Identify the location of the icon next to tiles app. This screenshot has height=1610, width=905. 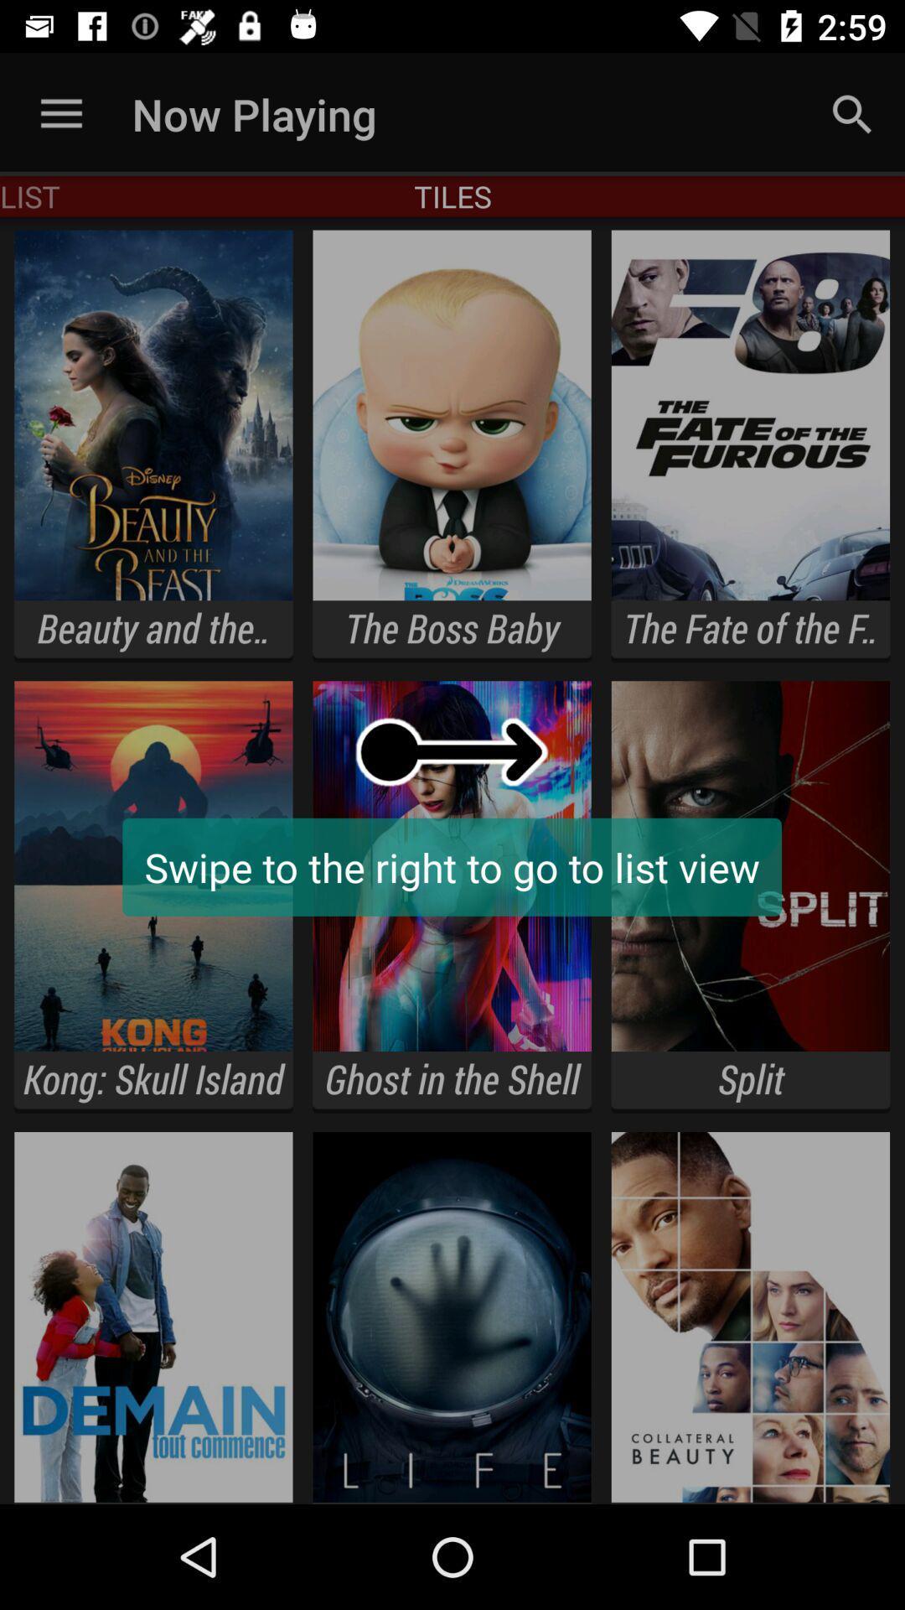
(852, 113).